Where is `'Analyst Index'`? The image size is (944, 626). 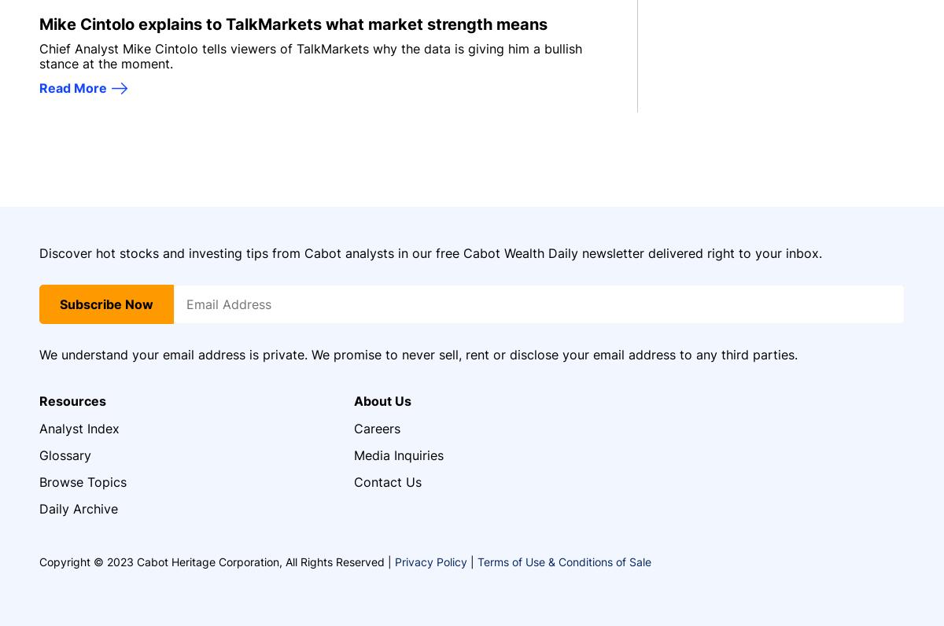
'Analyst Index' is located at coordinates (79, 426).